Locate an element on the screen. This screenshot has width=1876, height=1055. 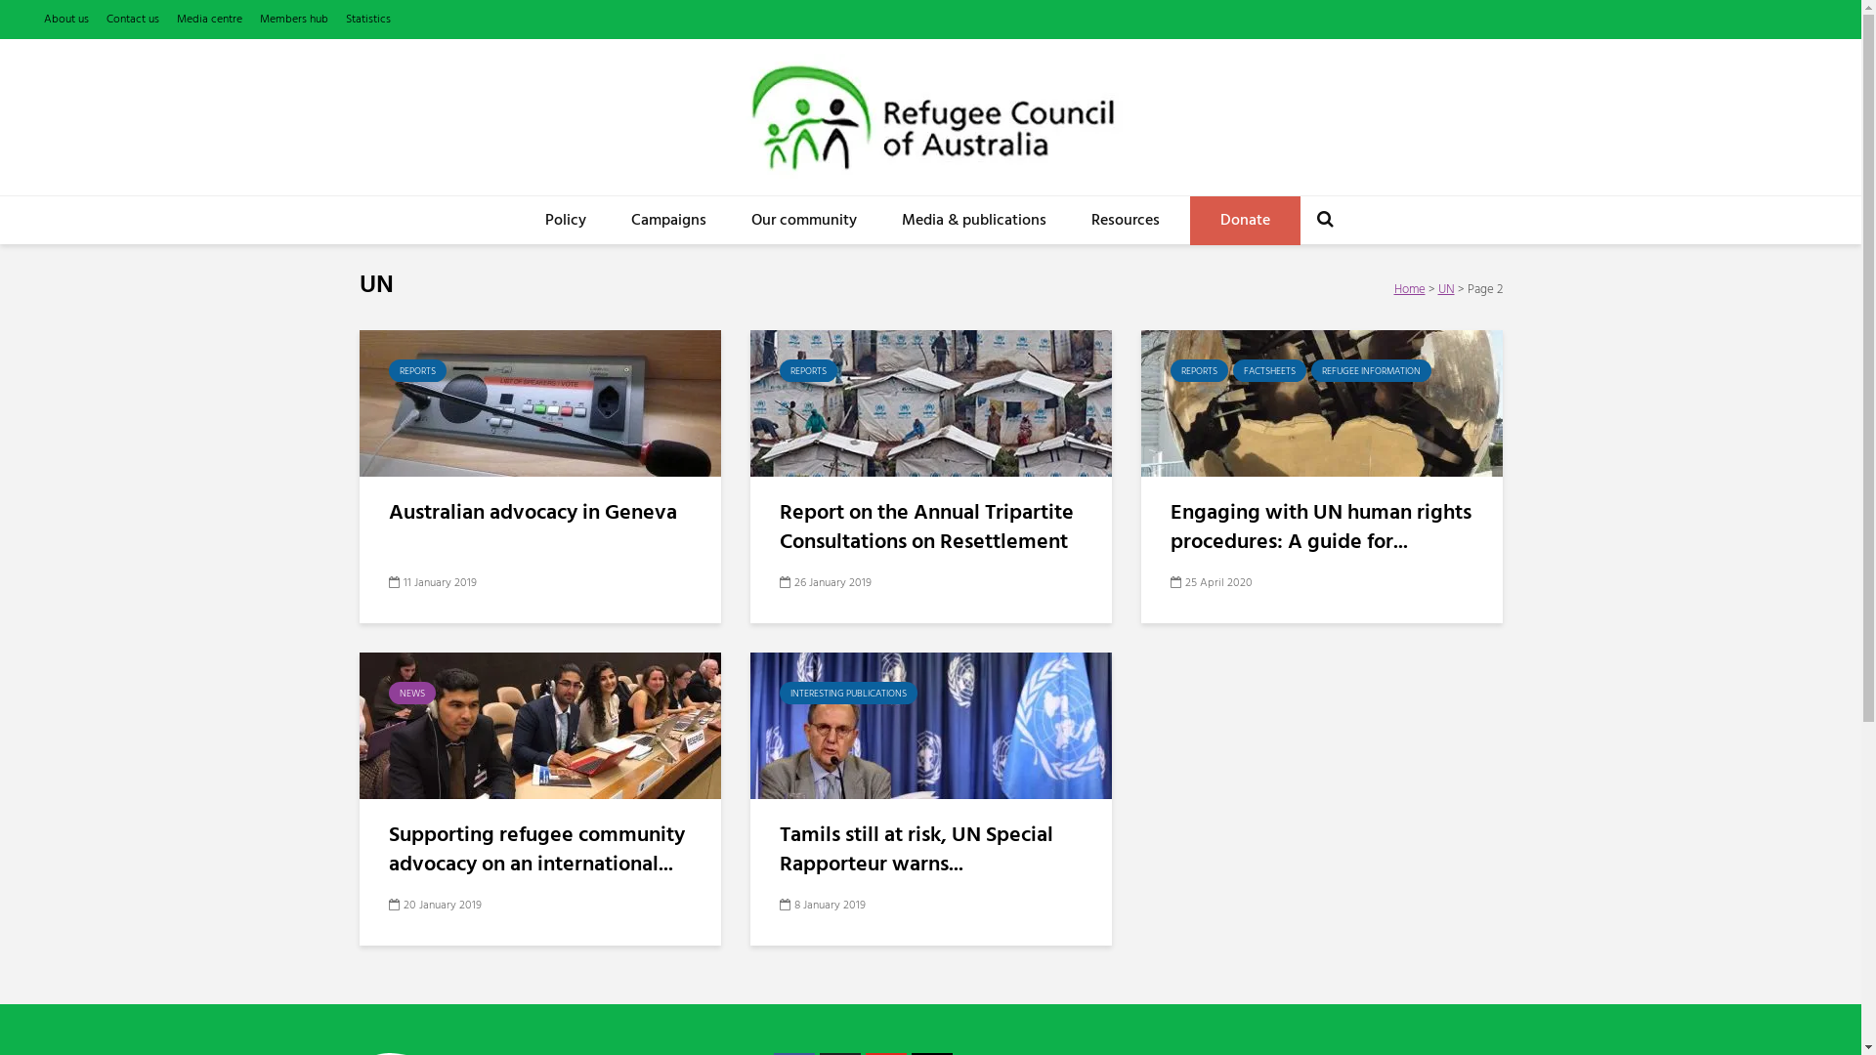
'NEWS' is located at coordinates (389, 692).